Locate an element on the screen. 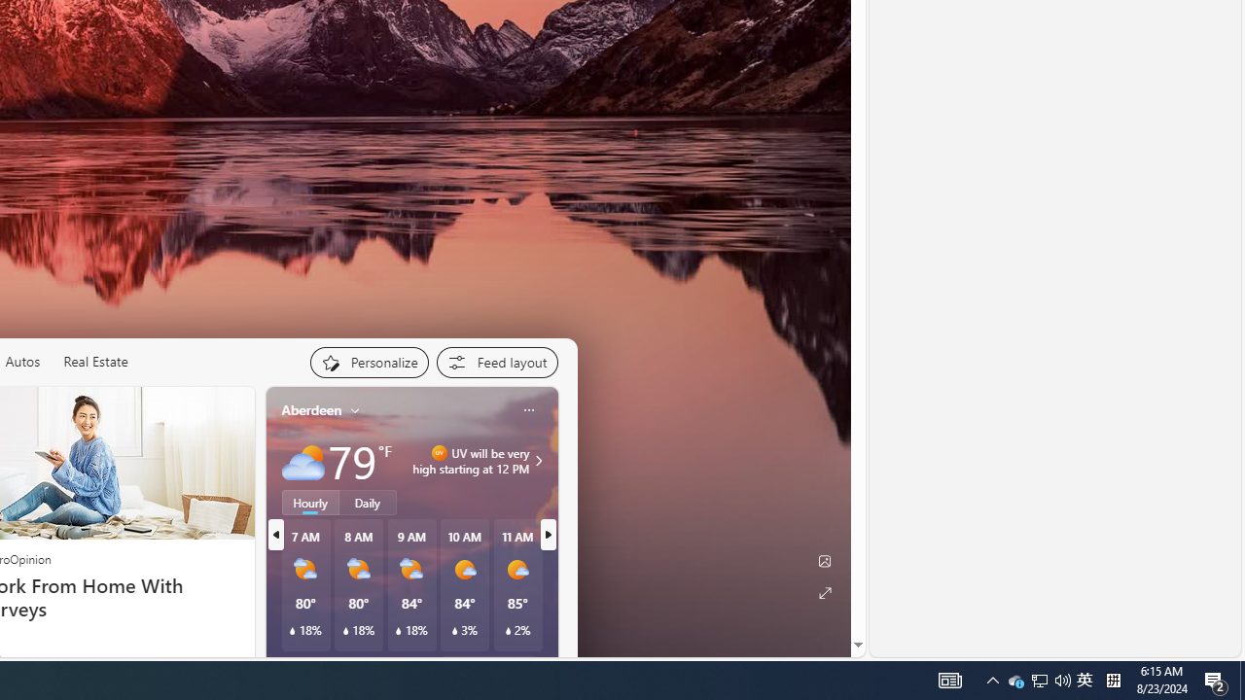 This screenshot has height=700, width=1245. 'Class: icon-img' is located at coordinates (528, 408).